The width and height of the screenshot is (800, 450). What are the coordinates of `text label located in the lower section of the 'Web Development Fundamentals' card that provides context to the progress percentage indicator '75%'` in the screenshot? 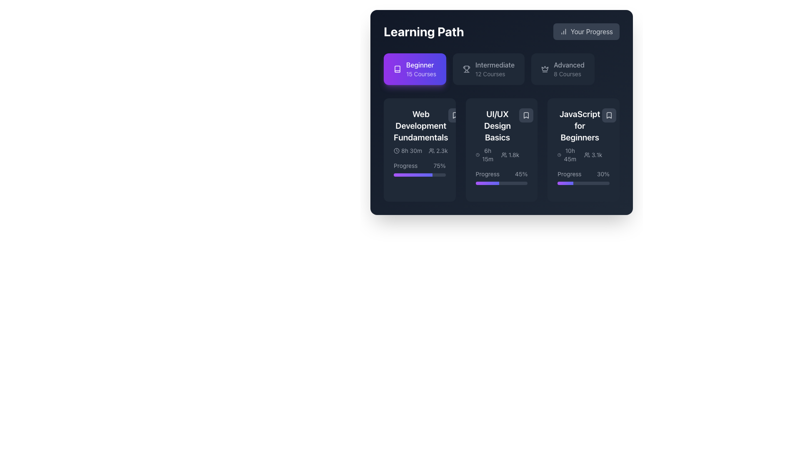 It's located at (405, 165).